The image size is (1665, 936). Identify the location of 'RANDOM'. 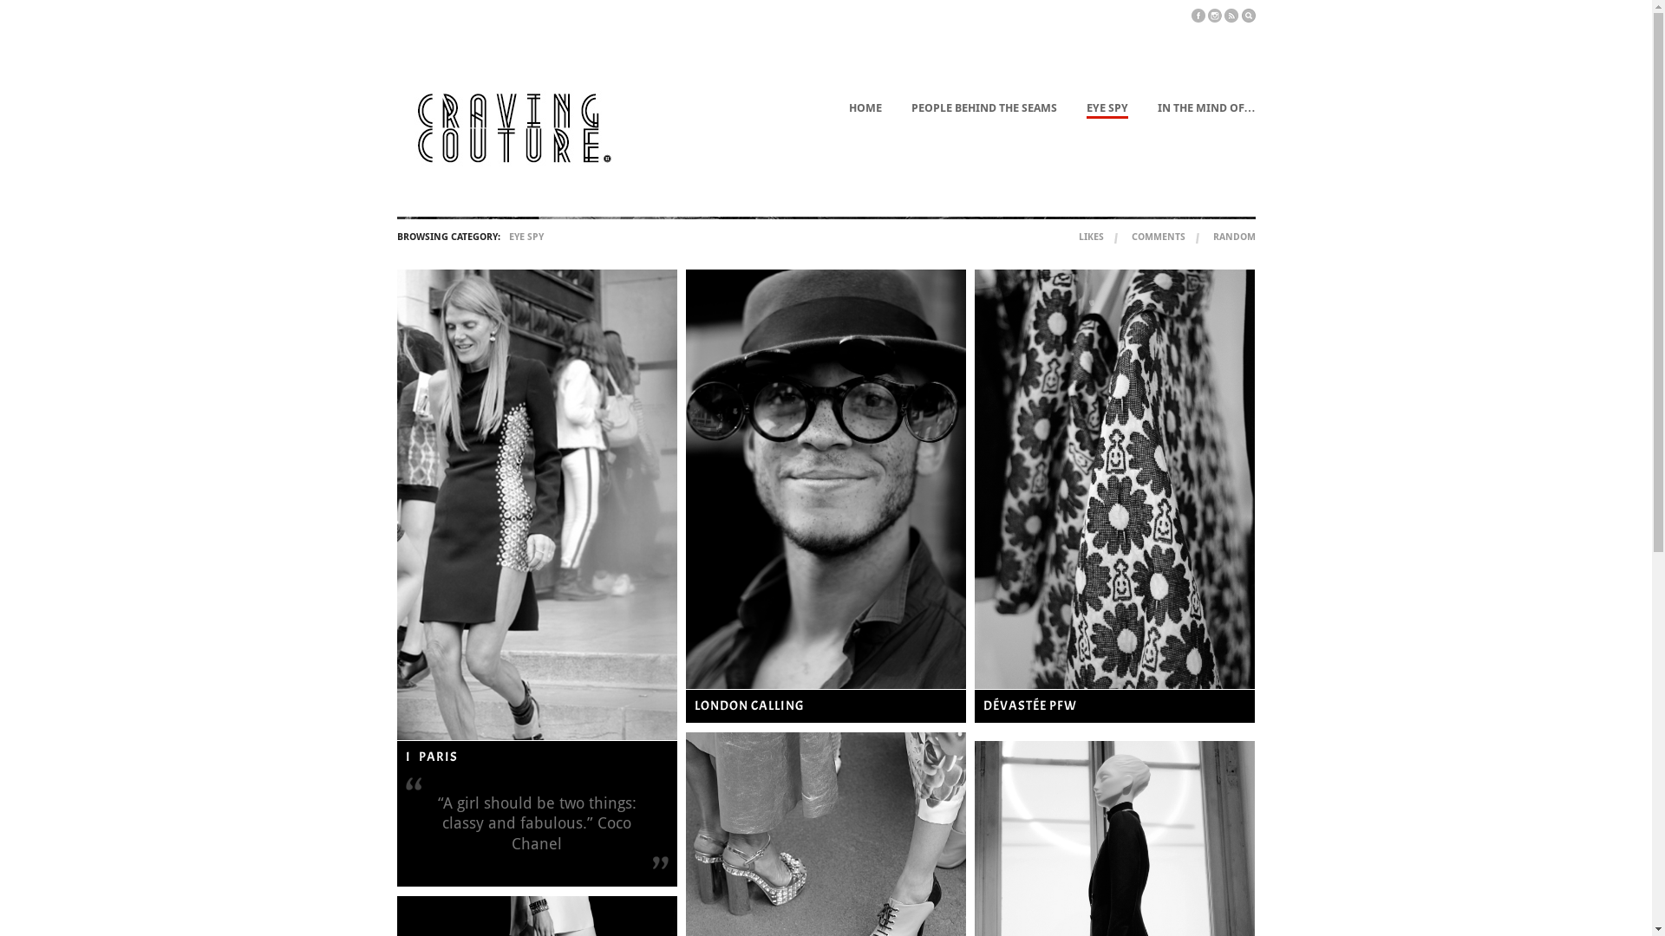
(1232, 237).